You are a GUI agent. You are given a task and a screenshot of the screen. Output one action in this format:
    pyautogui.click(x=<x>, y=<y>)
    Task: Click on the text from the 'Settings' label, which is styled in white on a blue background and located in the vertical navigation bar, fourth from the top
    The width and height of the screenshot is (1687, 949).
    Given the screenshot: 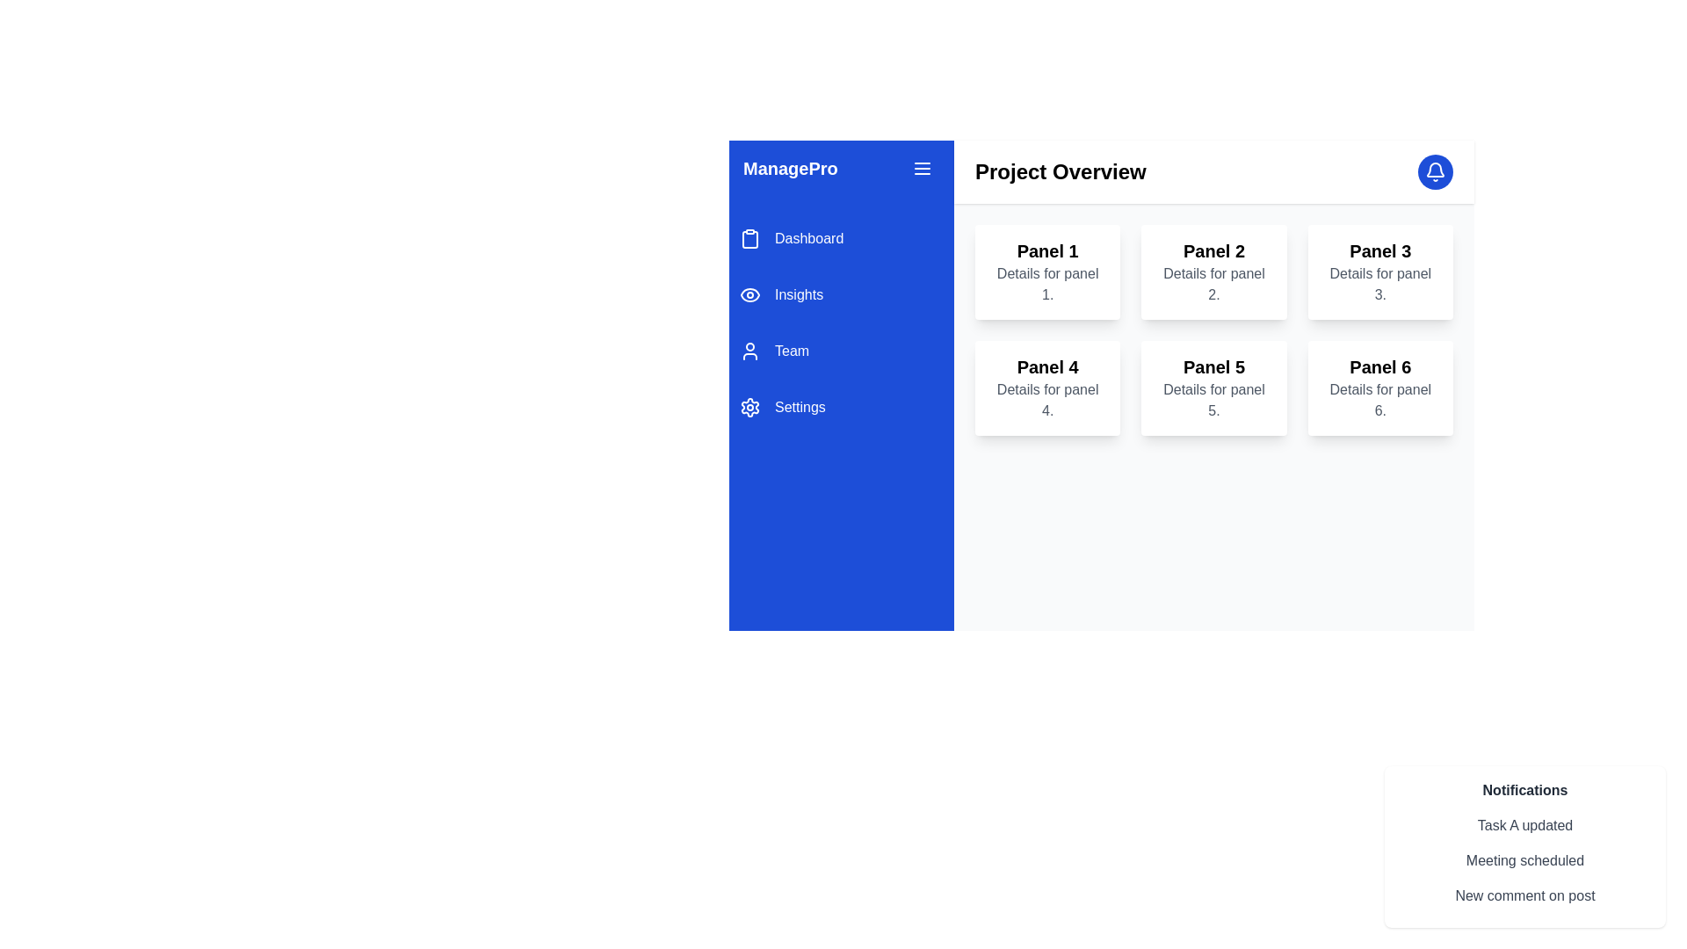 What is the action you would take?
    pyautogui.click(x=799, y=407)
    